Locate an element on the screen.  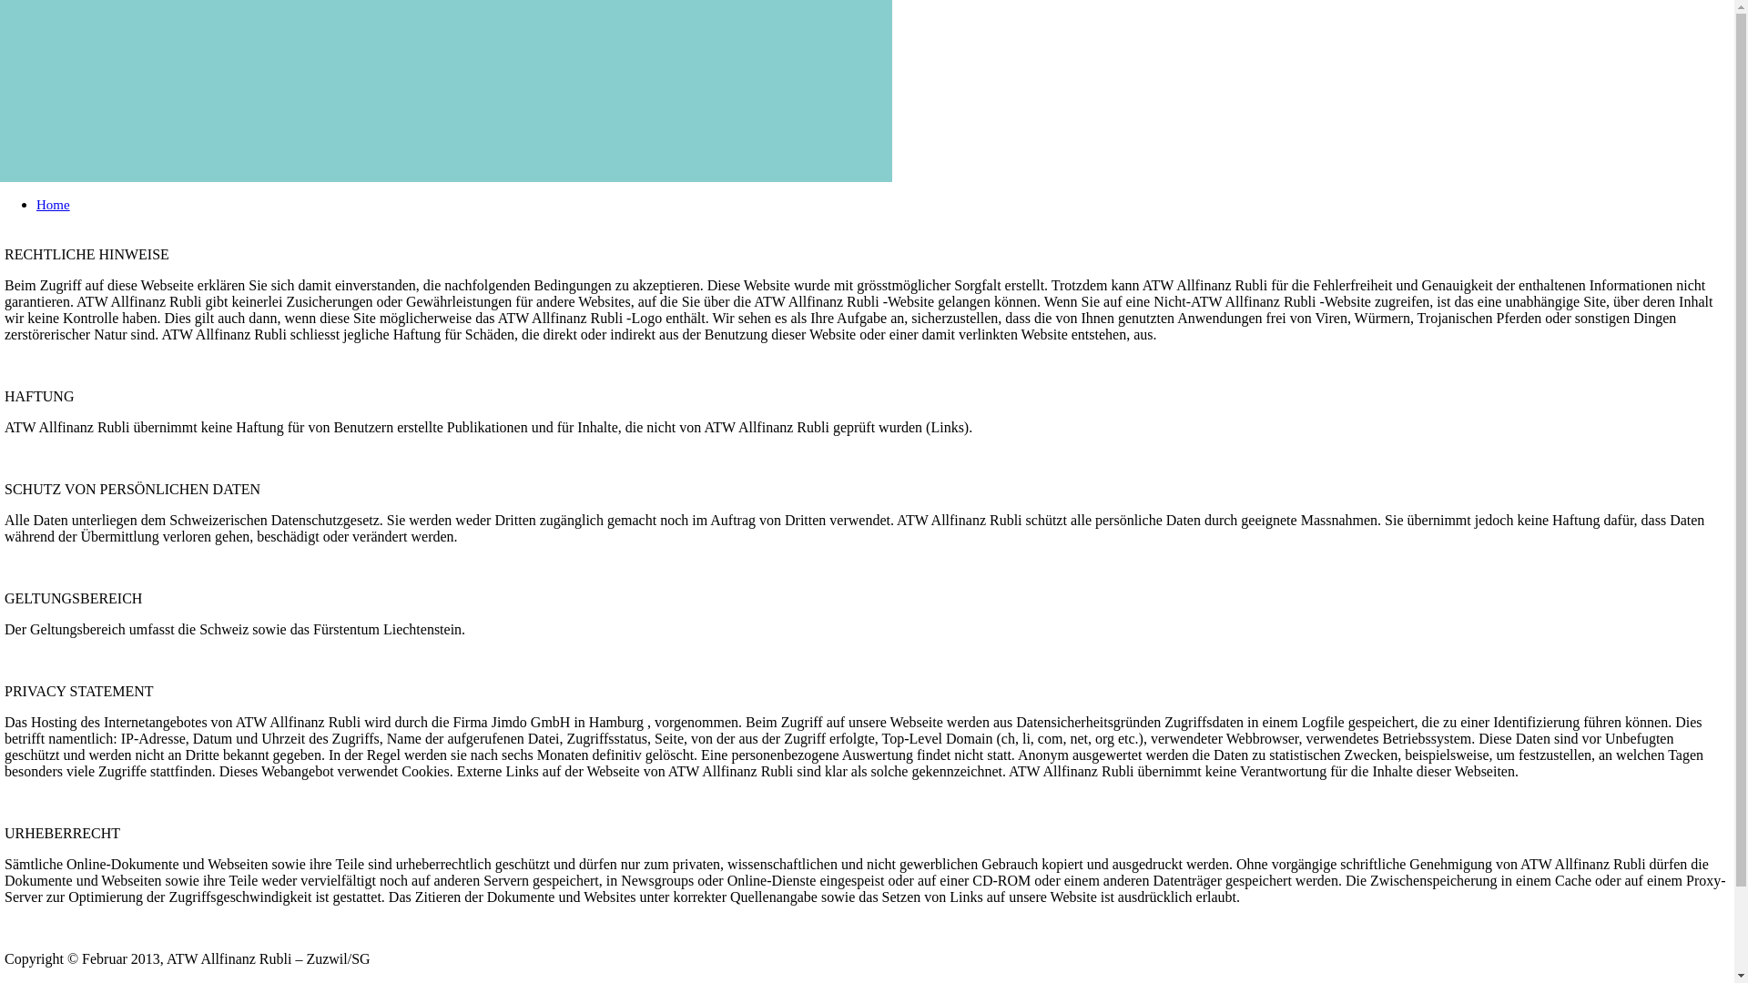
'Home' is located at coordinates (36, 204).